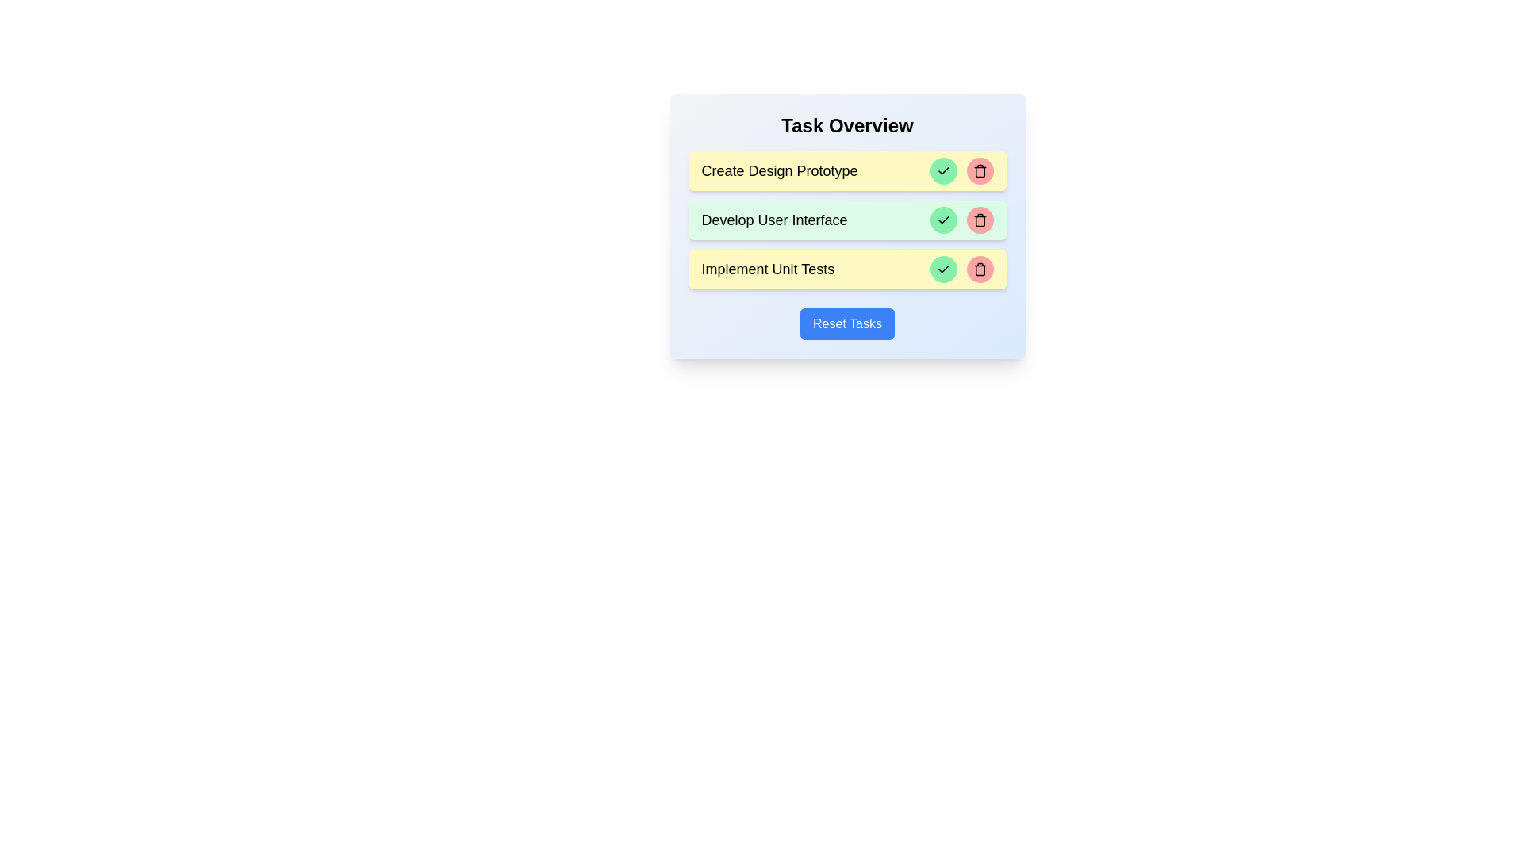 This screenshot has width=1523, height=856. I want to click on the delete button of the task identified by Develop User Interface, so click(979, 220).